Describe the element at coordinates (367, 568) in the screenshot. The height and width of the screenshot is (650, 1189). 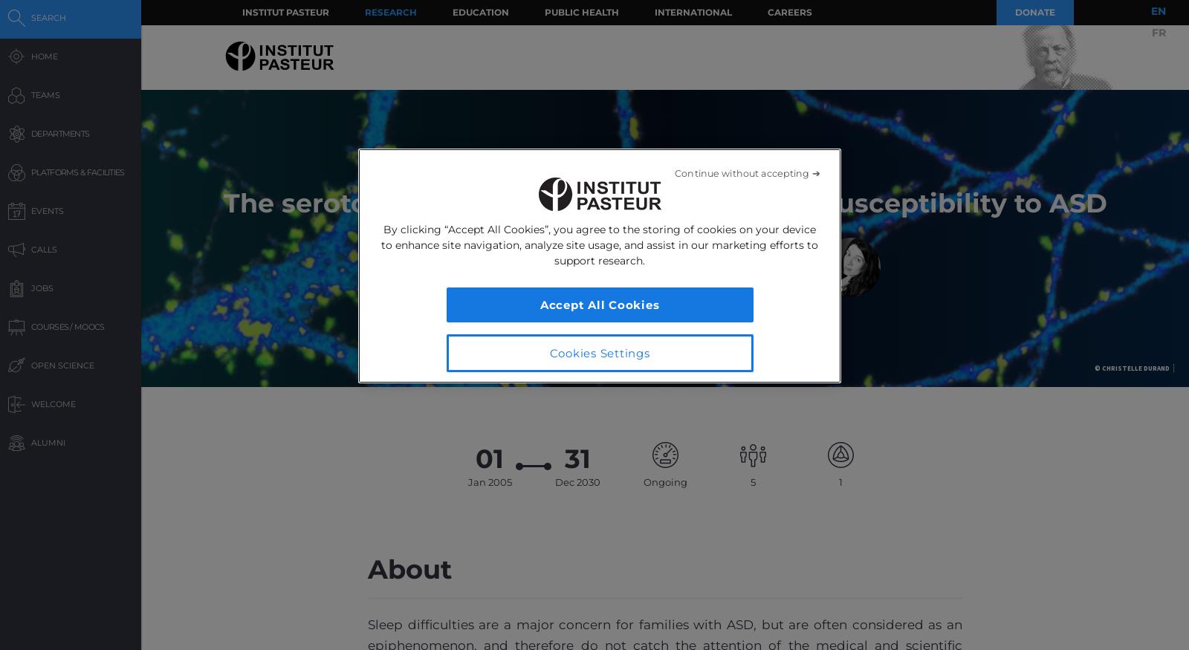
I see `'About'` at that location.